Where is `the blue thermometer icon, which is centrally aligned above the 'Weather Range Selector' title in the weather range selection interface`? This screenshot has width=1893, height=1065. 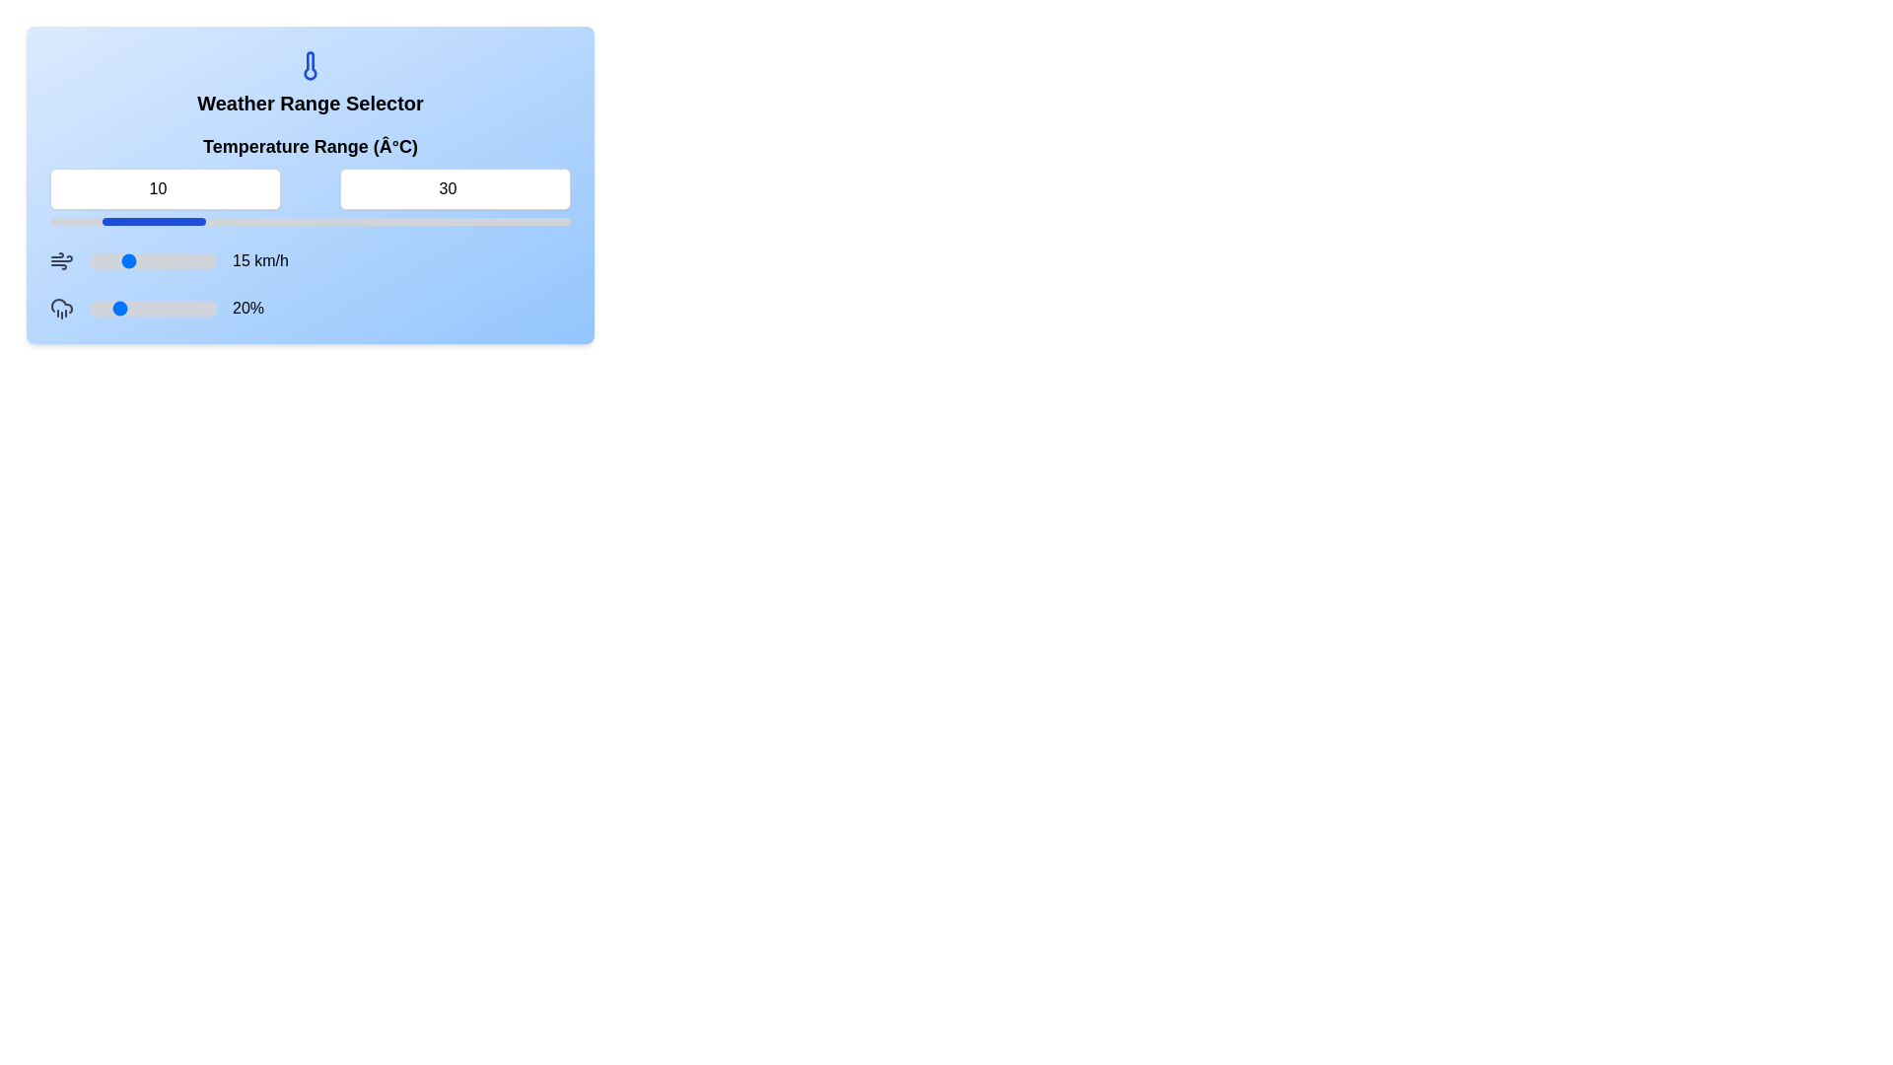
the blue thermometer icon, which is centrally aligned above the 'Weather Range Selector' title in the weather range selection interface is located at coordinates (310, 64).